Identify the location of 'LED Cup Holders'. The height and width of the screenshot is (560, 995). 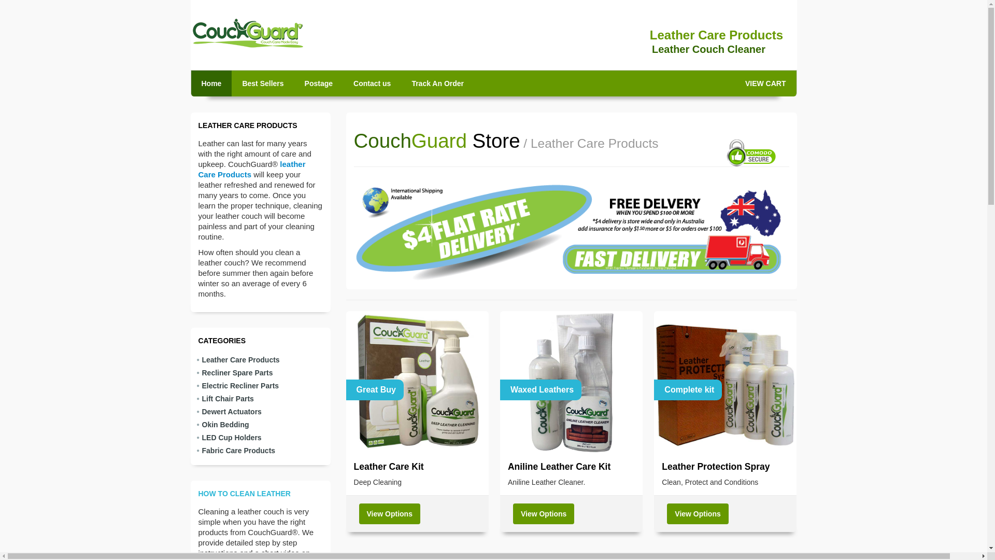
(264, 438).